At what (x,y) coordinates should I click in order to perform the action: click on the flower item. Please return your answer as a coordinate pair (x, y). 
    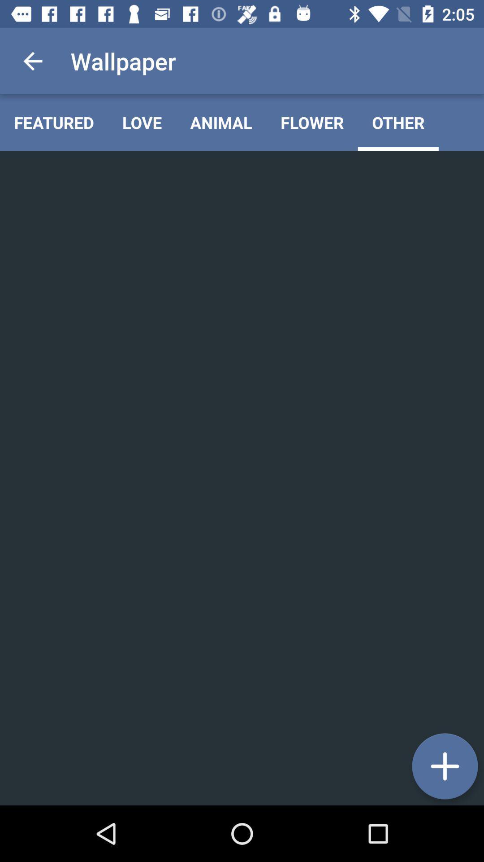
    Looking at the image, I should click on (311, 122).